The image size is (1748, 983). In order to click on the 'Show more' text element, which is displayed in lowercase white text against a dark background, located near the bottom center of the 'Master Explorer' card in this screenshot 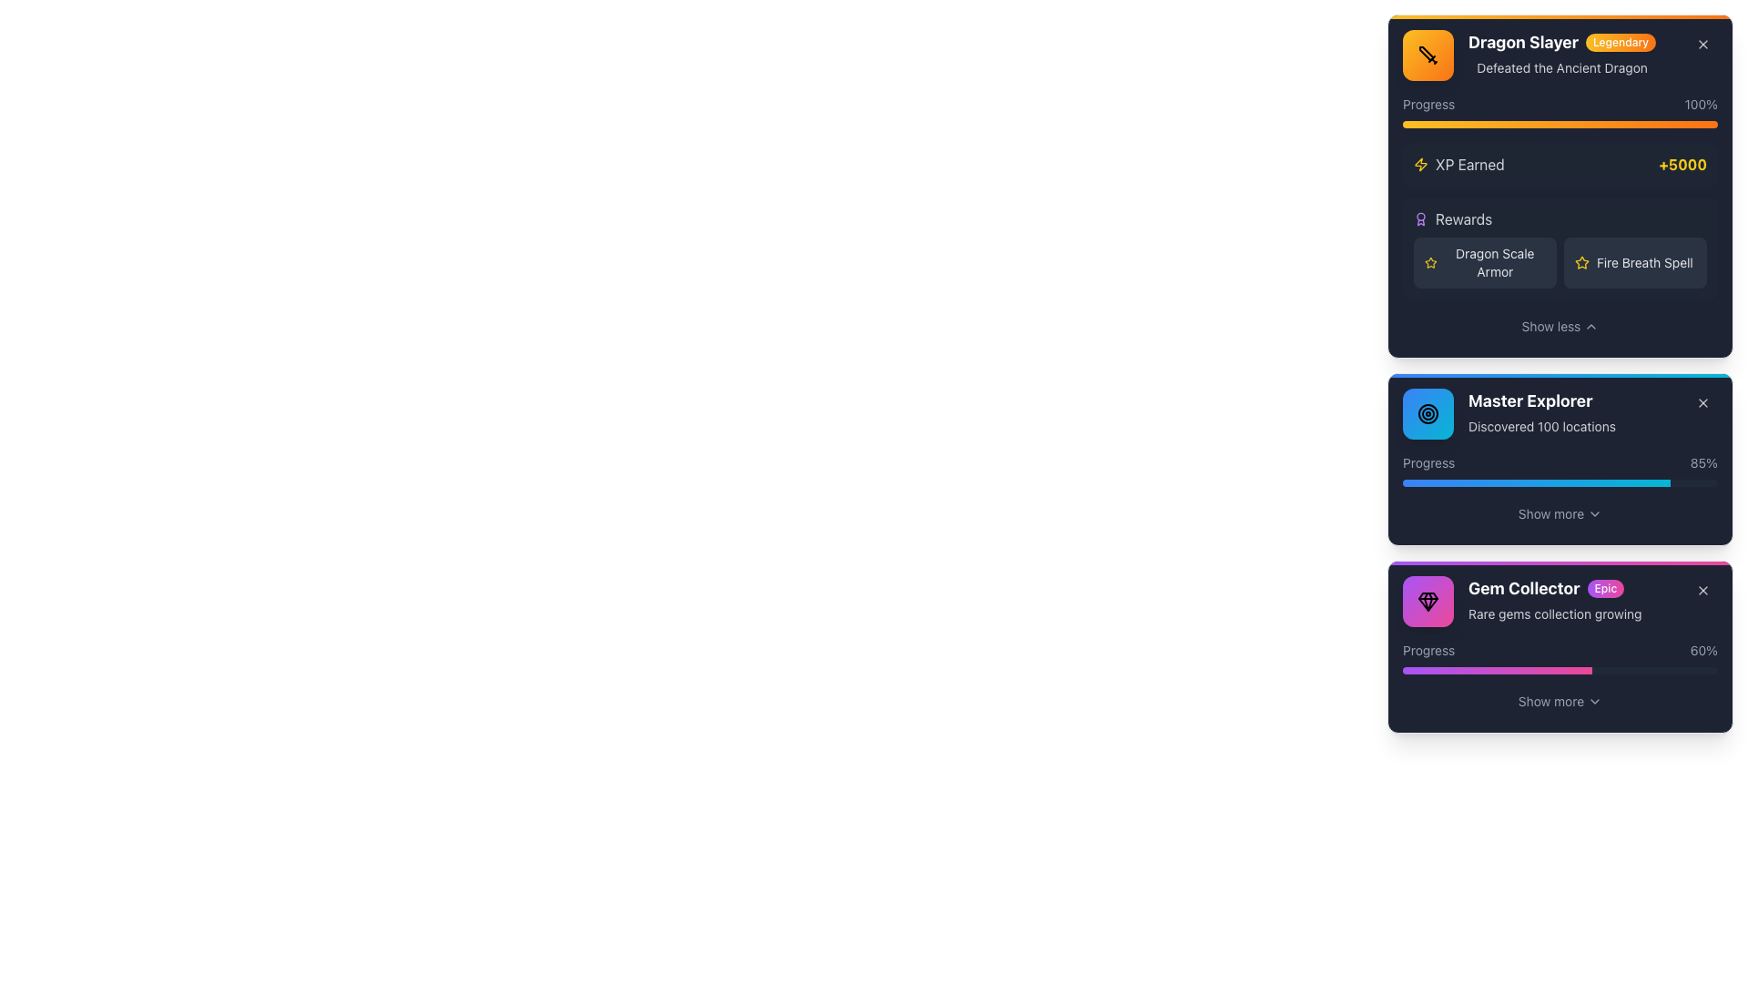, I will do `click(1550, 513)`.